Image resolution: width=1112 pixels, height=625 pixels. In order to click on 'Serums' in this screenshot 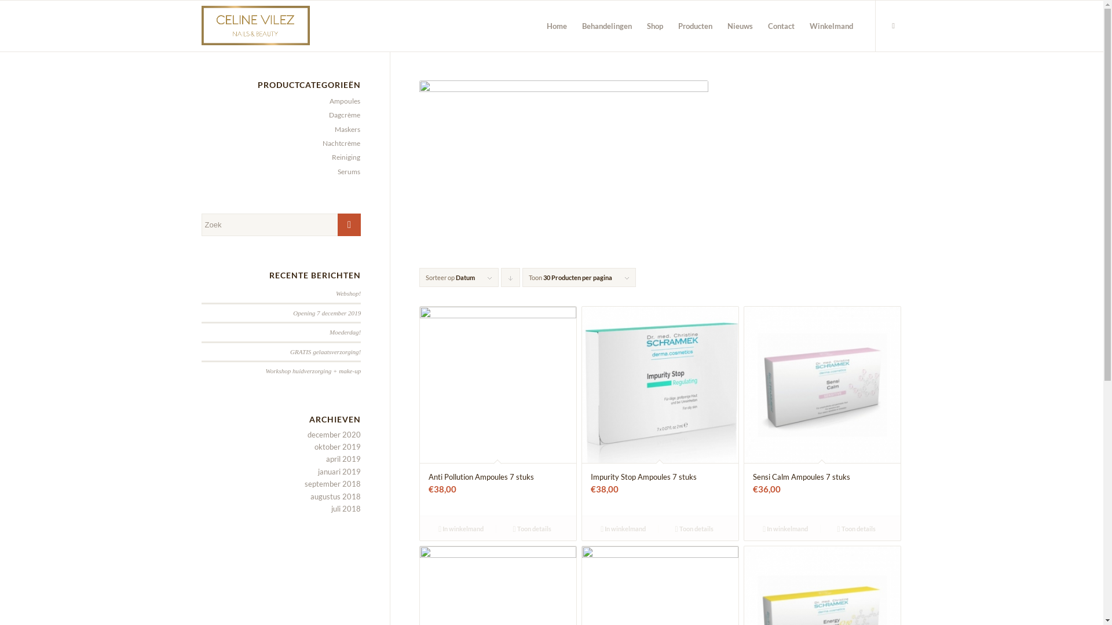, I will do `click(346, 171)`.